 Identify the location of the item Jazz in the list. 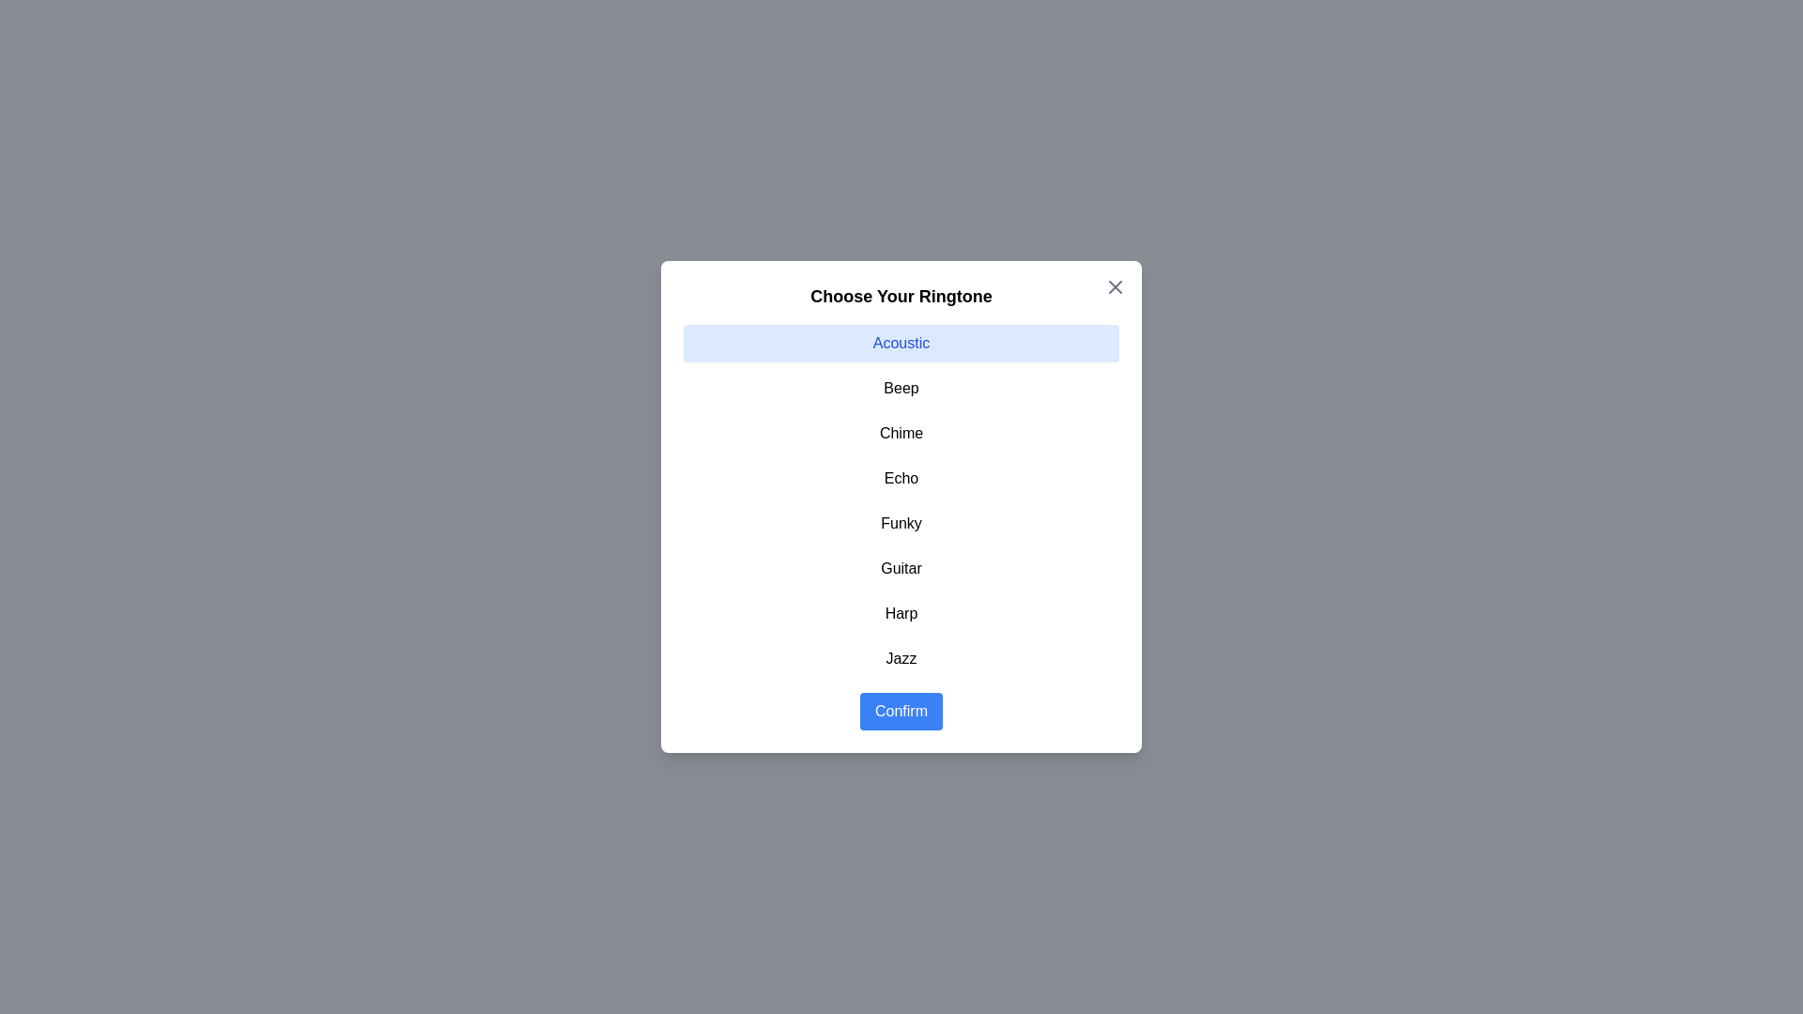
(901, 658).